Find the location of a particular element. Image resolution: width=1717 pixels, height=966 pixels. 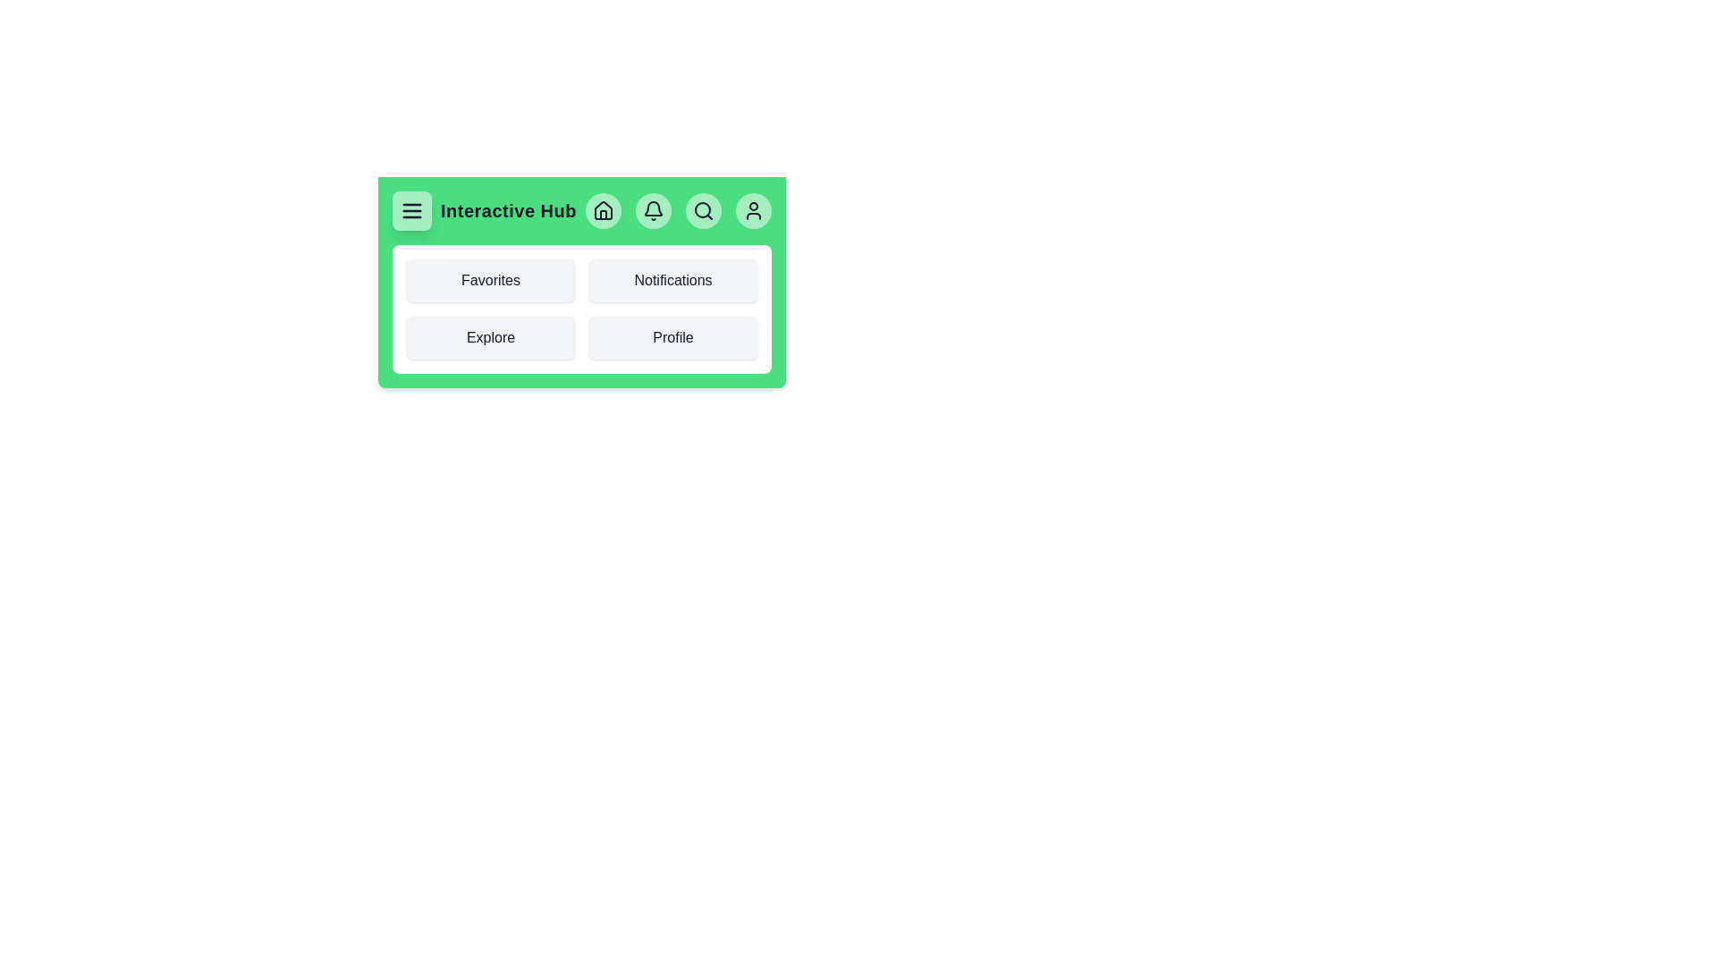

the interactive element Notifications Link is located at coordinates (672, 280).